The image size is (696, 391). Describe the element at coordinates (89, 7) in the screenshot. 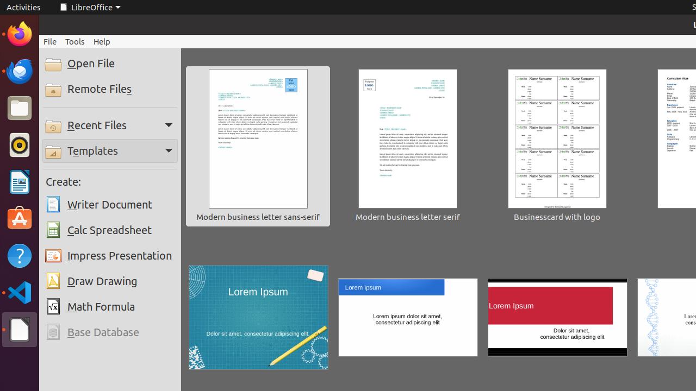

I see `'LibreOffice'` at that location.